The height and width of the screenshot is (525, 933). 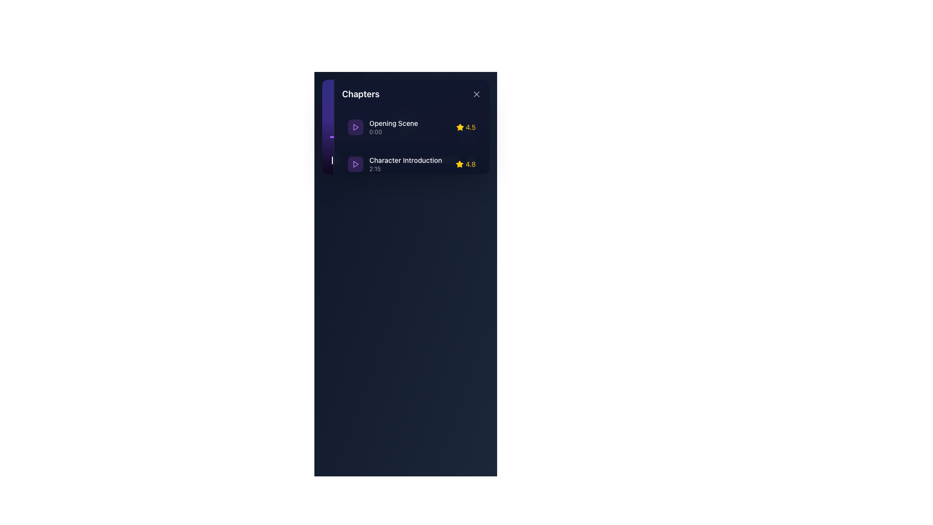 I want to click on the triangular play button on the left section of the list item labeled 'Character Introduction 2:15', so click(x=355, y=127).